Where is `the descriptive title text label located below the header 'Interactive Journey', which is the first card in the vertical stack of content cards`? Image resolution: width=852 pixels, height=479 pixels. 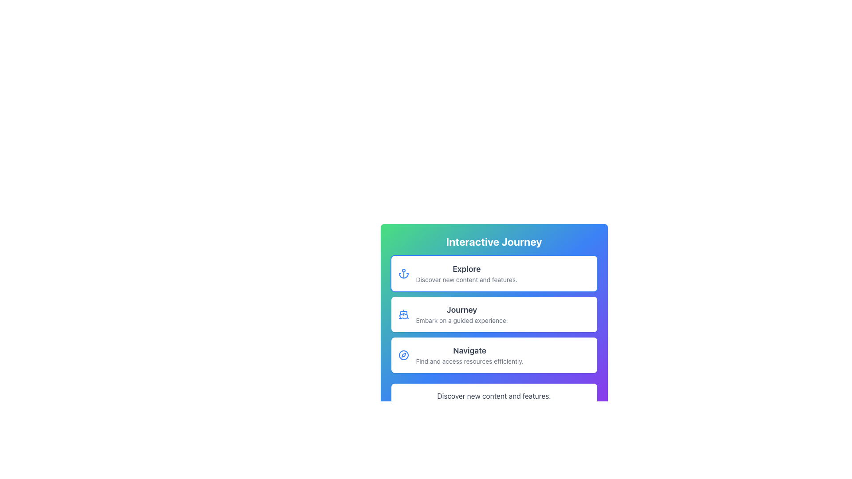
the descriptive title text label located below the header 'Interactive Journey', which is the first card in the vertical stack of content cards is located at coordinates (466, 268).